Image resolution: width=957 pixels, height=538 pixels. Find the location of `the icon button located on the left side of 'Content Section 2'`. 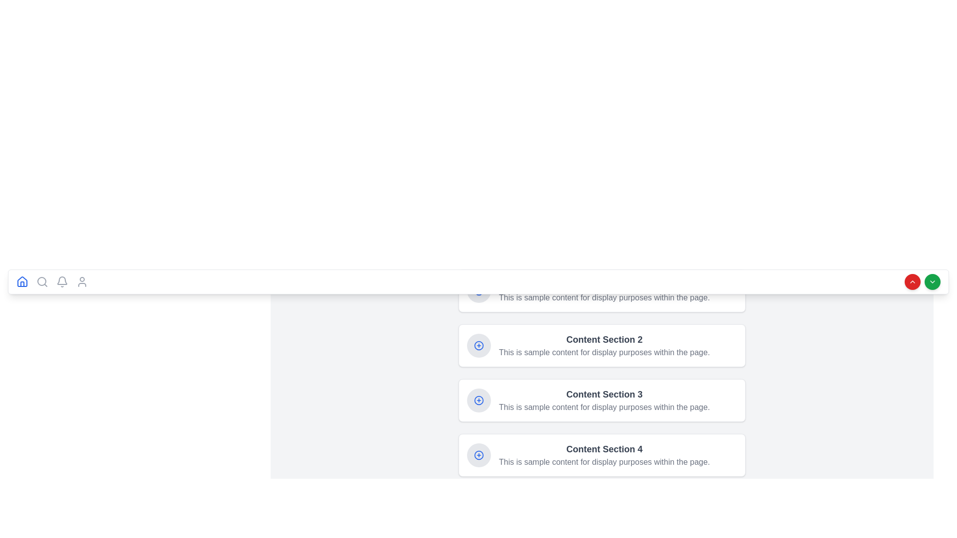

the icon button located on the left side of 'Content Section 2' is located at coordinates (478, 345).